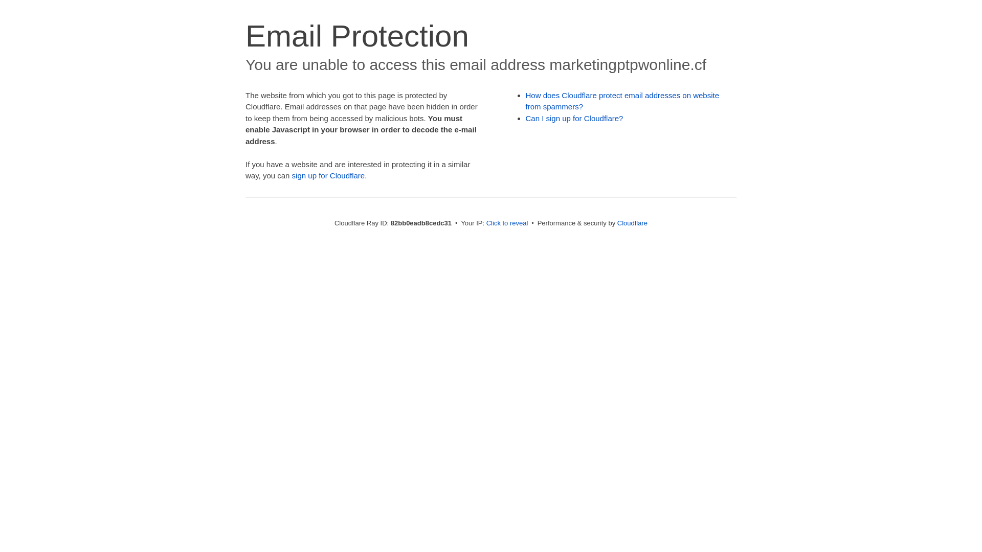 Image resolution: width=982 pixels, height=552 pixels. I want to click on 'Cloudflare', so click(632, 222).